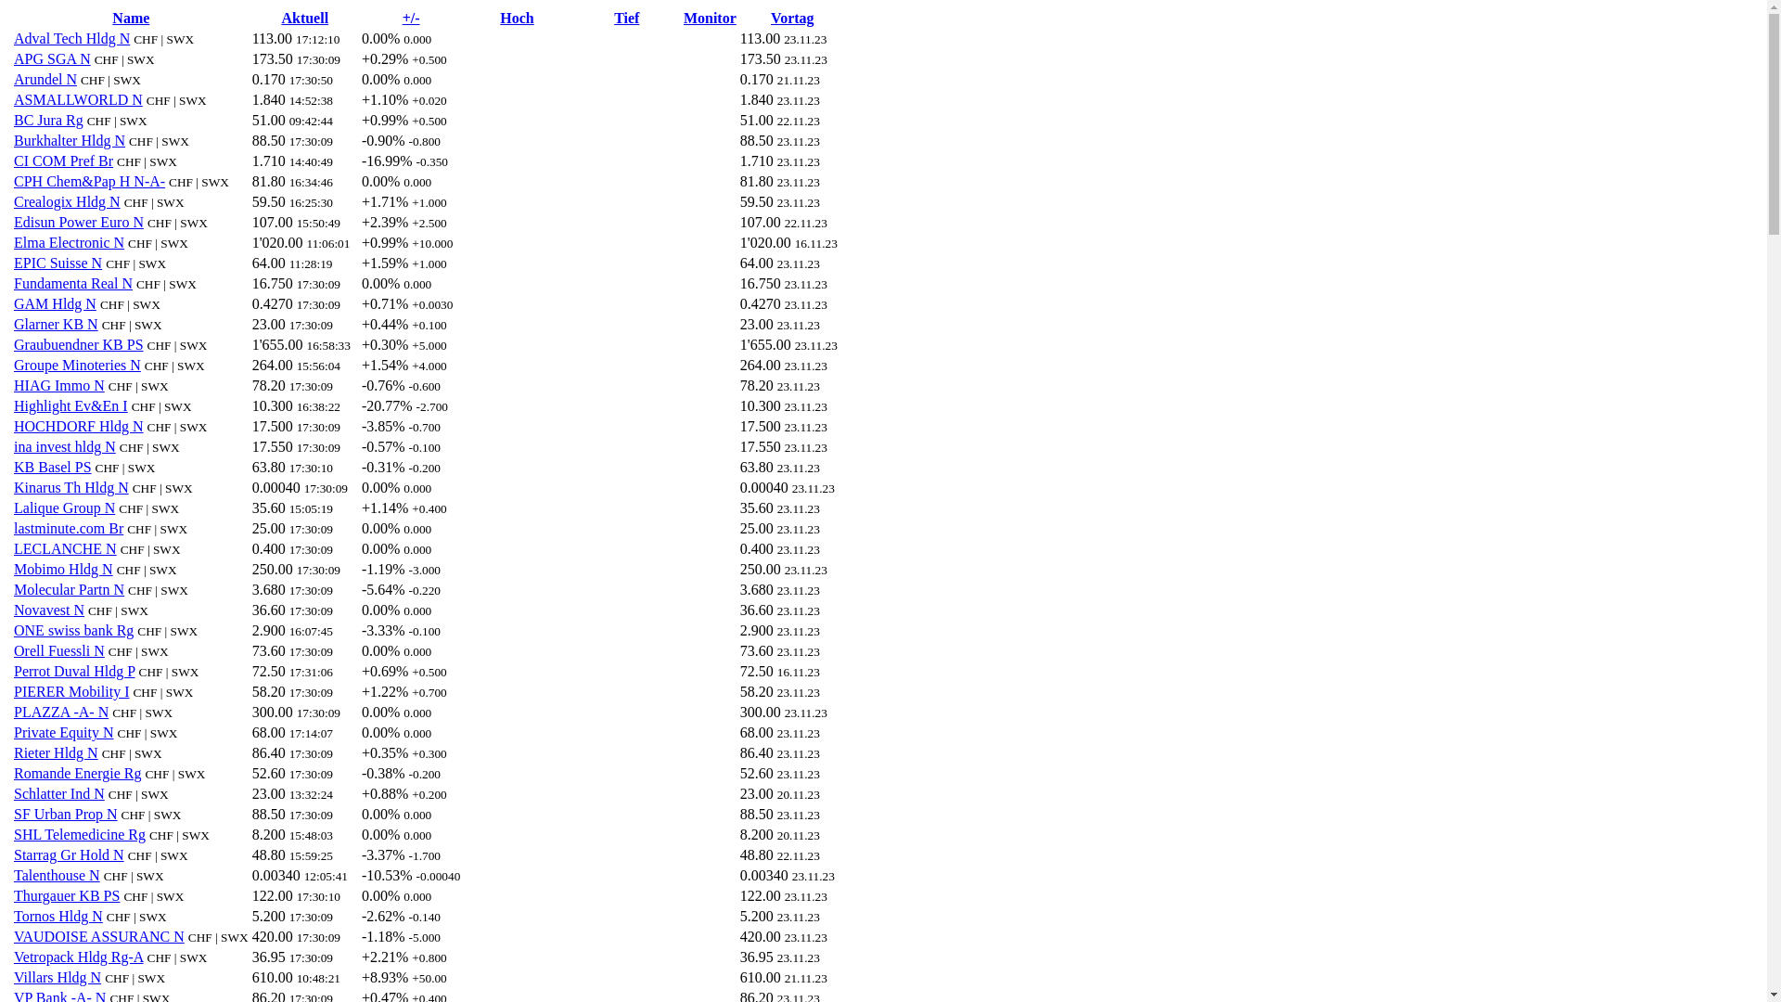  What do you see at coordinates (13, 466) in the screenshot?
I see `'KB Basel PS'` at bounding box center [13, 466].